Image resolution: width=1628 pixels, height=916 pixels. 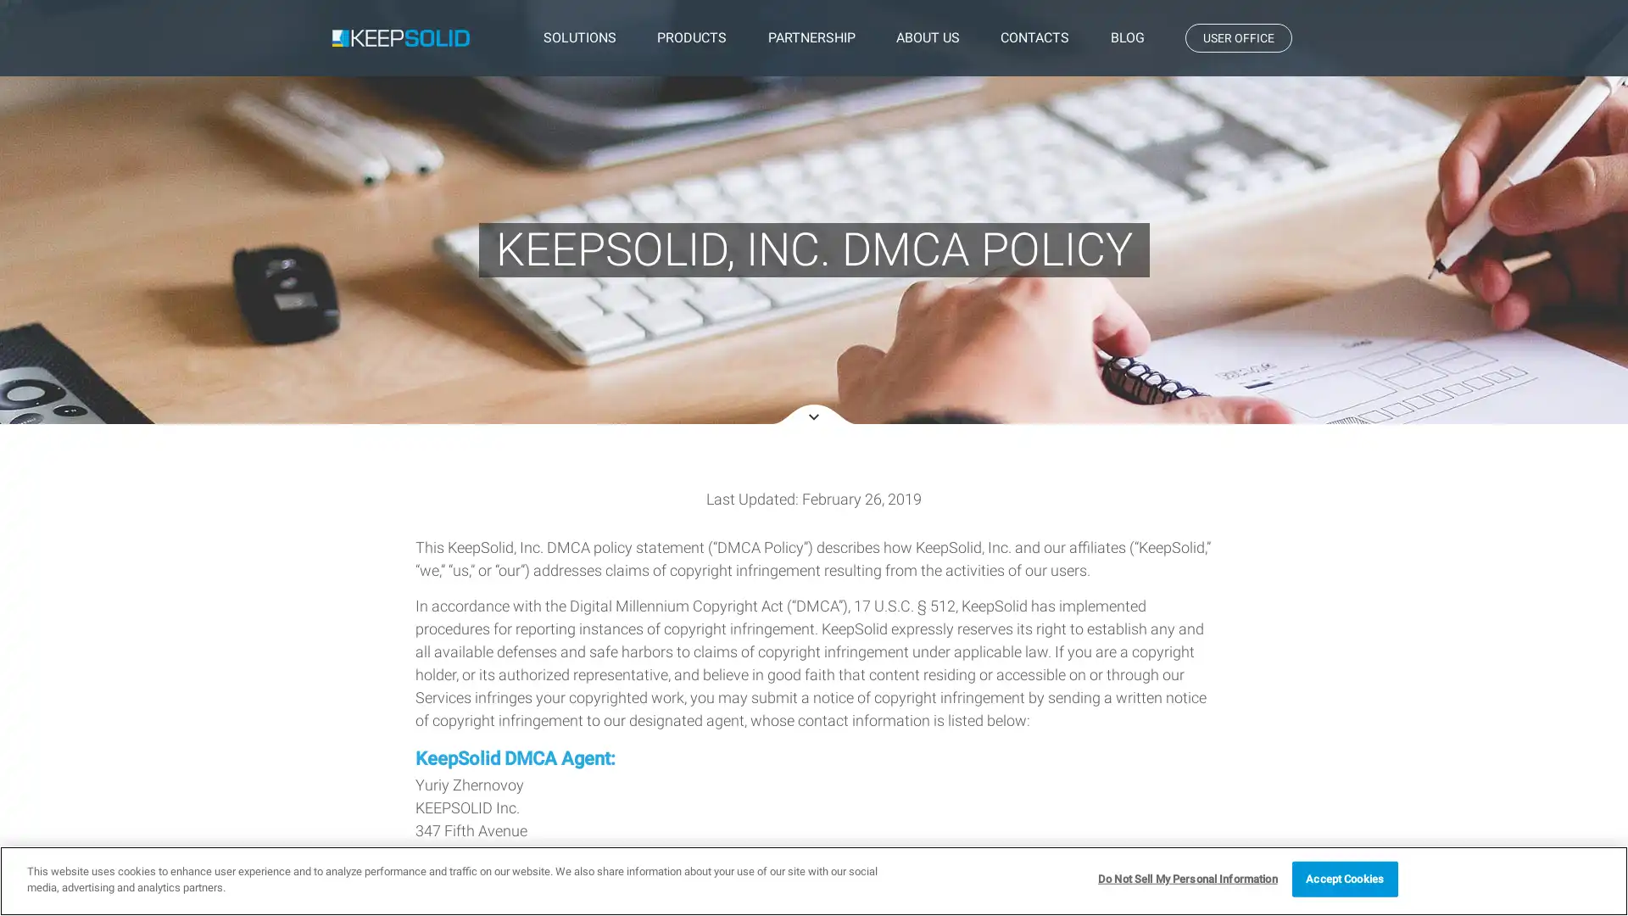 What do you see at coordinates (1343, 878) in the screenshot?
I see `Accept Cookies` at bounding box center [1343, 878].